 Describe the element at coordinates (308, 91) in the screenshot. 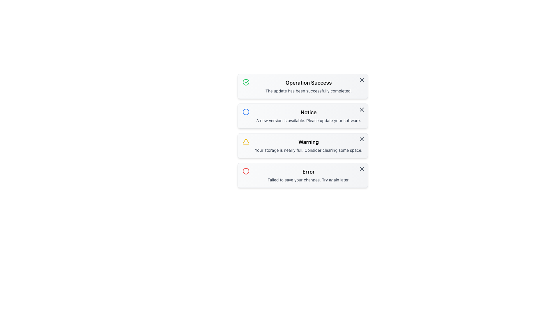

I see `the confirmation message text label located below the 'Operation Success' heading in the notification box` at that location.